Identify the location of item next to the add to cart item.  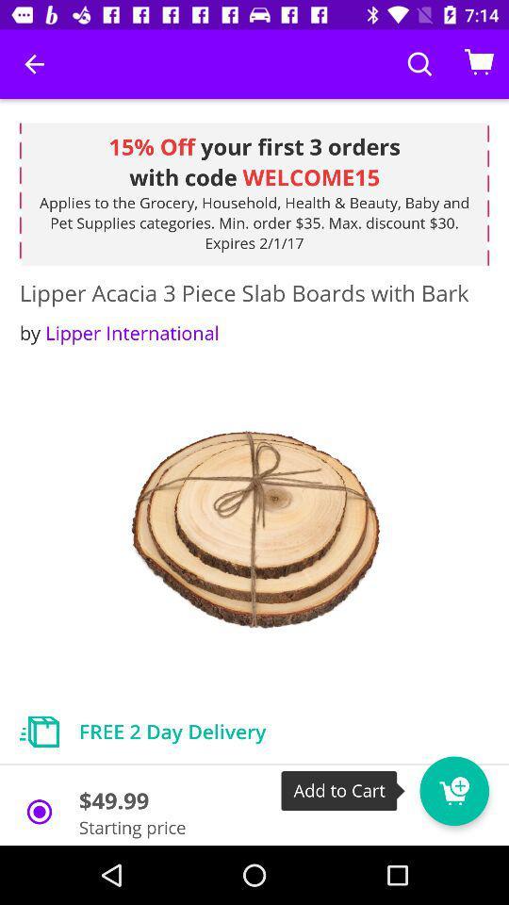
(453, 791).